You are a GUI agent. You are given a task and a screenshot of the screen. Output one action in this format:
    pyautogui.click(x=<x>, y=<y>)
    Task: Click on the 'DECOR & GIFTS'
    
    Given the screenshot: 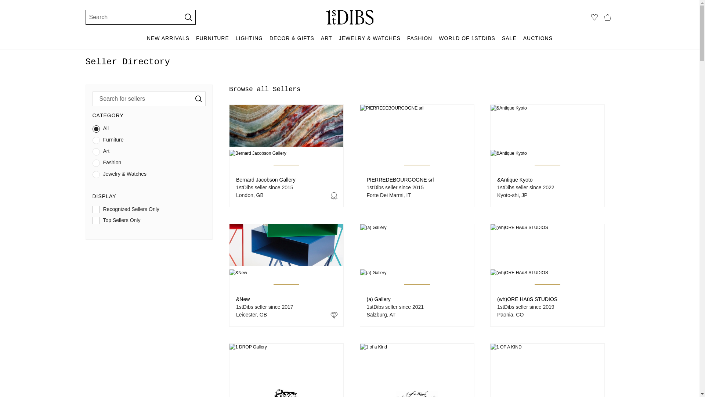 What is the action you would take?
    pyautogui.click(x=292, y=42)
    